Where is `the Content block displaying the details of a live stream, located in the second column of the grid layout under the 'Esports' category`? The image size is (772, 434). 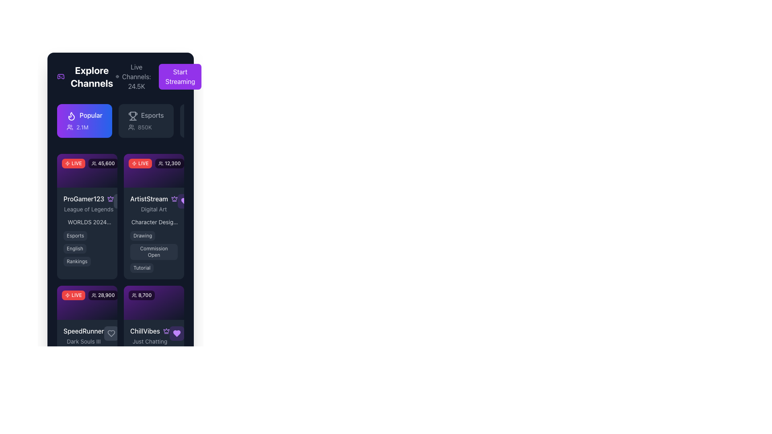 the Content block displaying the details of a live stream, located in the second column of the grid layout under the 'Esports' category is located at coordinates (87, 230).